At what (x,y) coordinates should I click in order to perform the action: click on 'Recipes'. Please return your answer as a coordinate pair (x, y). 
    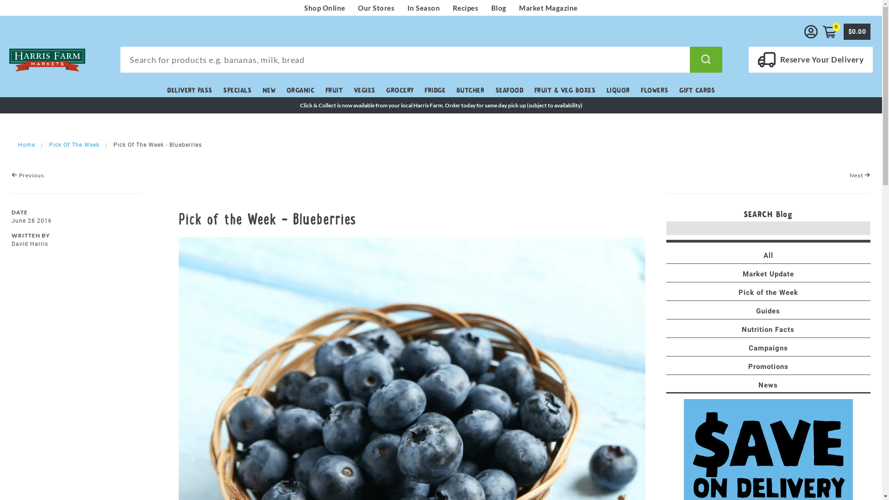
    Looking at the image, I should click on (466, 7).